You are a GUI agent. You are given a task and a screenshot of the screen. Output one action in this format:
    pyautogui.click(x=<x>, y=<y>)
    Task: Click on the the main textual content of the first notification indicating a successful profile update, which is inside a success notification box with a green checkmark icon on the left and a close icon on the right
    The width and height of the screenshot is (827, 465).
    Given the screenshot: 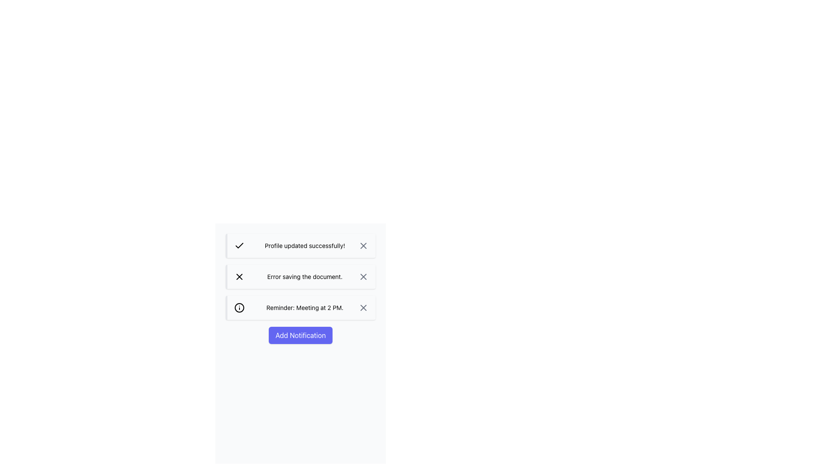 What is the action you would take?
    pyautogui.click(x=305, y=245)
    